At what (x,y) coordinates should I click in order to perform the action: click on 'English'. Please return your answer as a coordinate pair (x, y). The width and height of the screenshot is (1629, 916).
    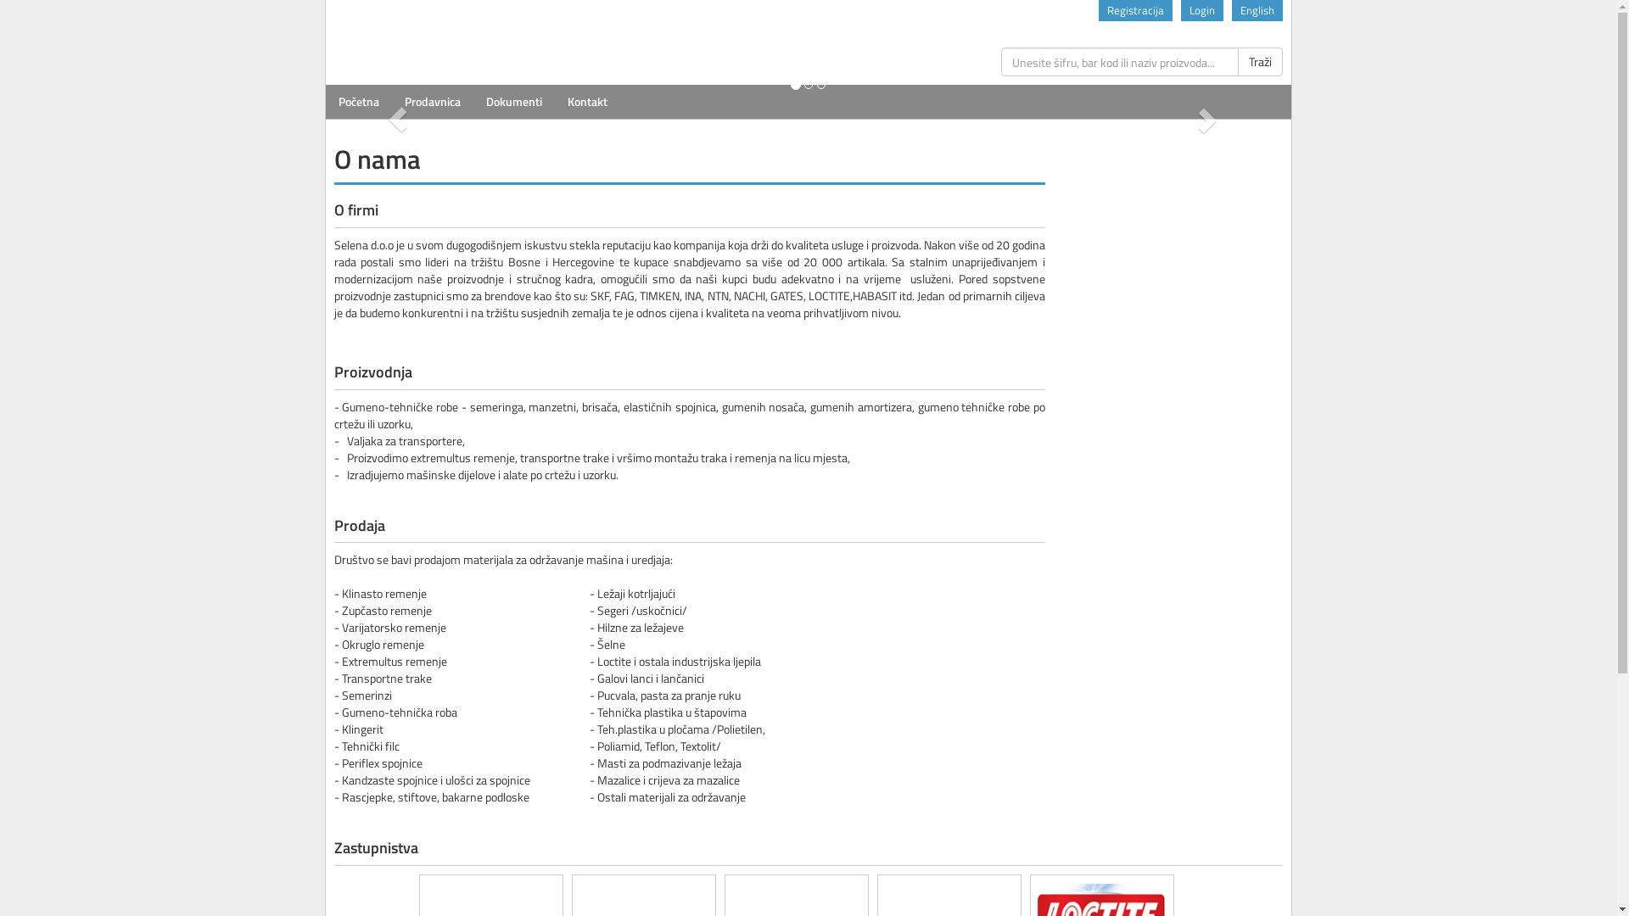
    Looking at the image, I should click on (1231, 10).